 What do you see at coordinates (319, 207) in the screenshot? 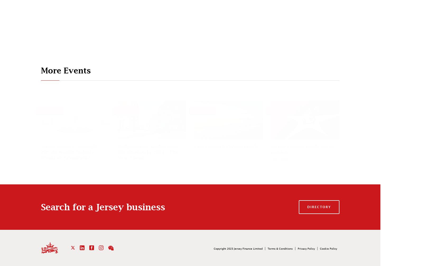
I see `'Directory'` at bounding box center [319, 207].